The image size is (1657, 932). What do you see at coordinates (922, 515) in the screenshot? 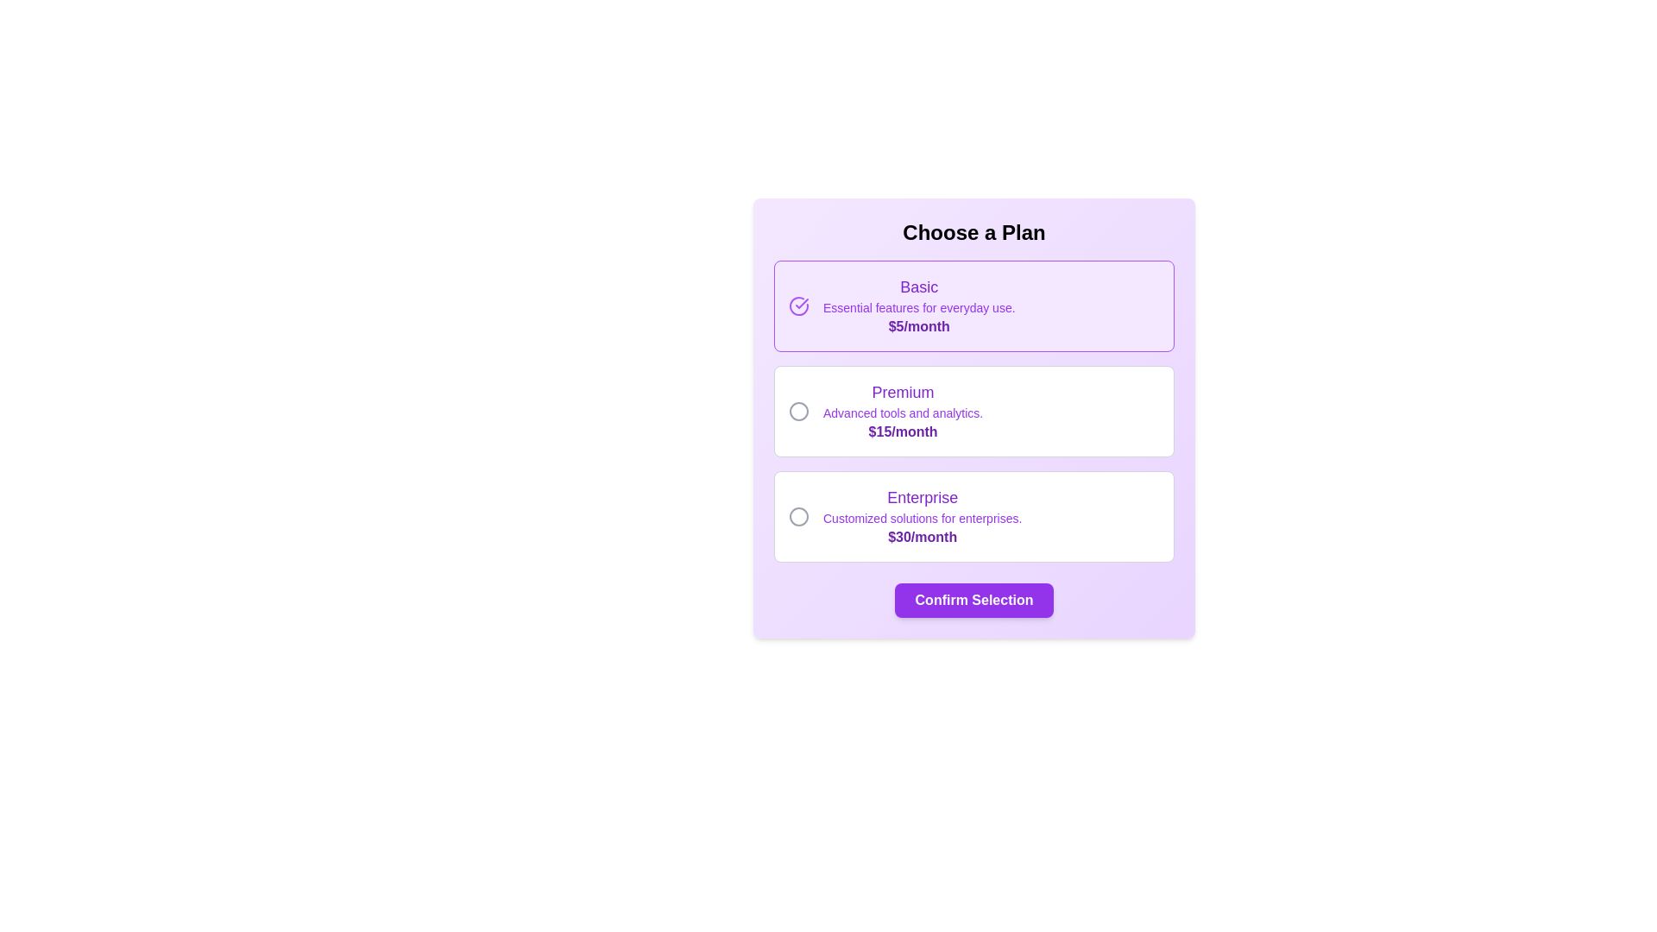
I see `the 'Enterprise' pricing plan option, which is the third item in a vertically stacked list of selectable plans` at bounding box center [922, 515].